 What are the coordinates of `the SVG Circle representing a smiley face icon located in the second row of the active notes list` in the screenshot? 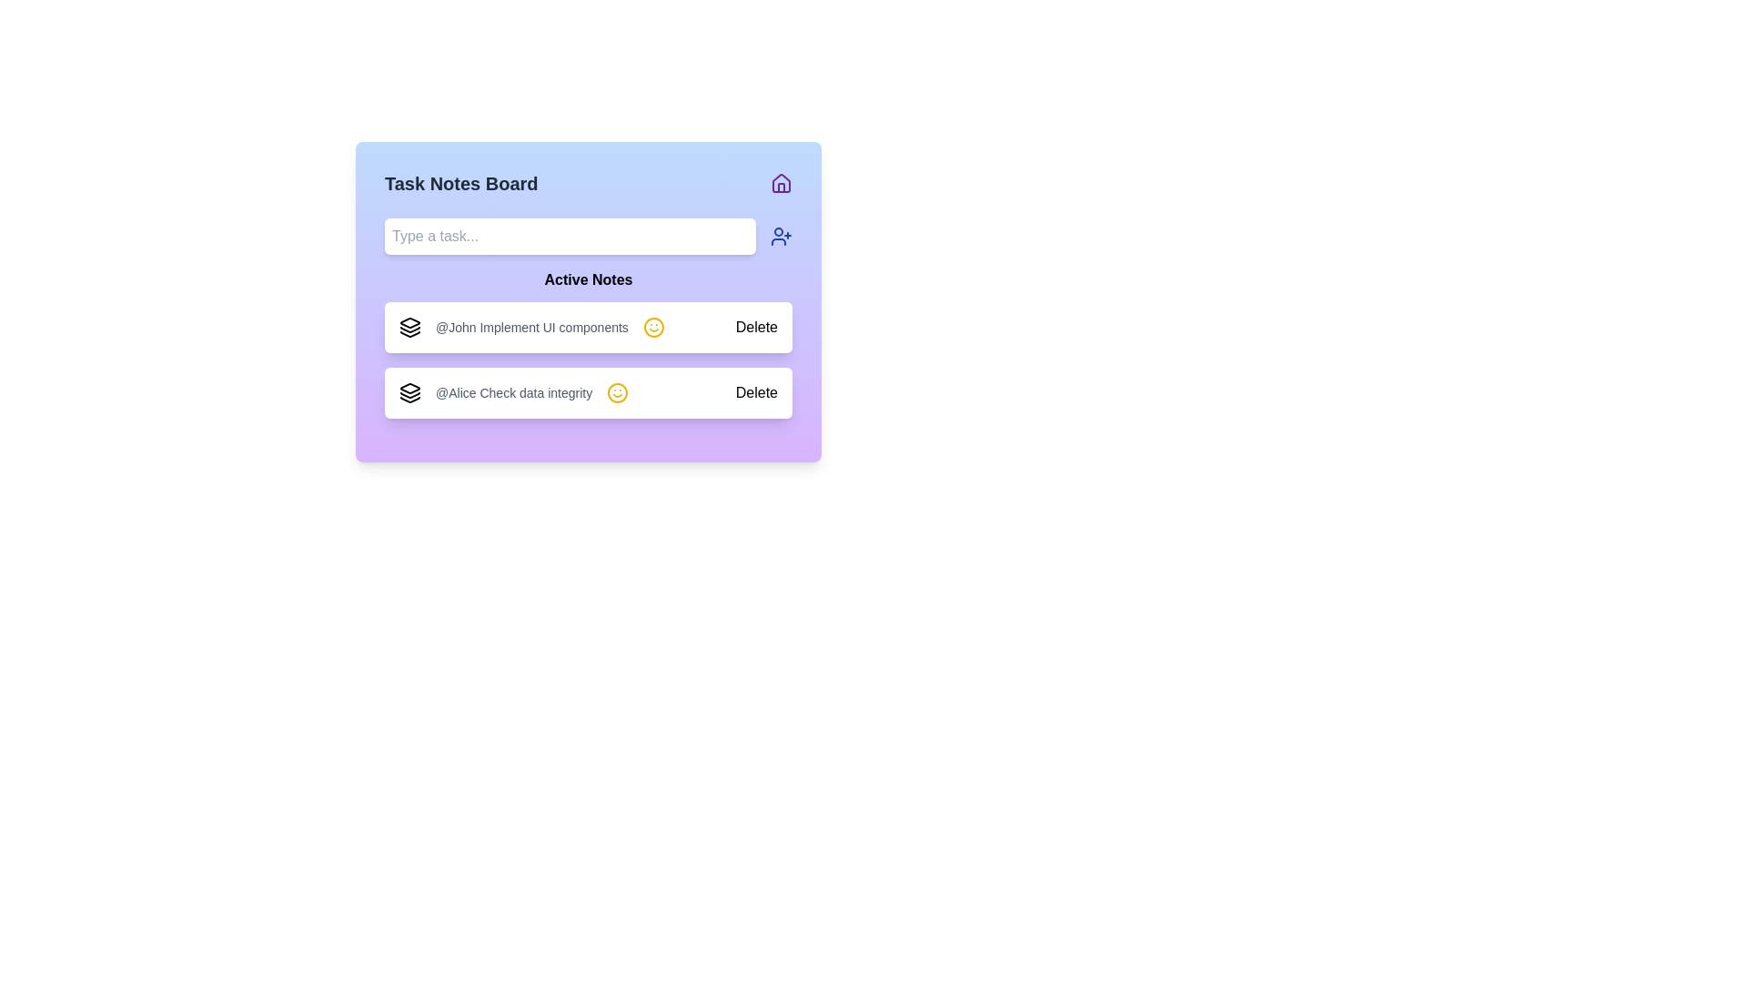 It's located at (618, 392).